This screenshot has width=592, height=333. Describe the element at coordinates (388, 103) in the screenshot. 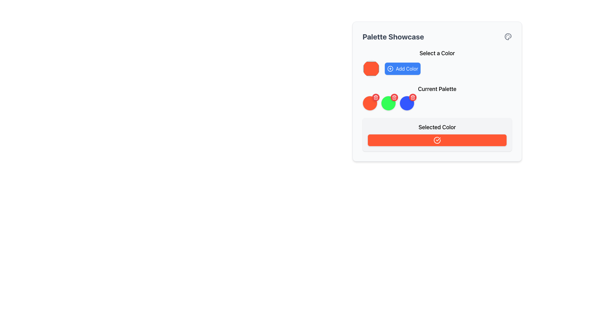

I see `the second circular color selector in the 'Current Palette' section` at that location.